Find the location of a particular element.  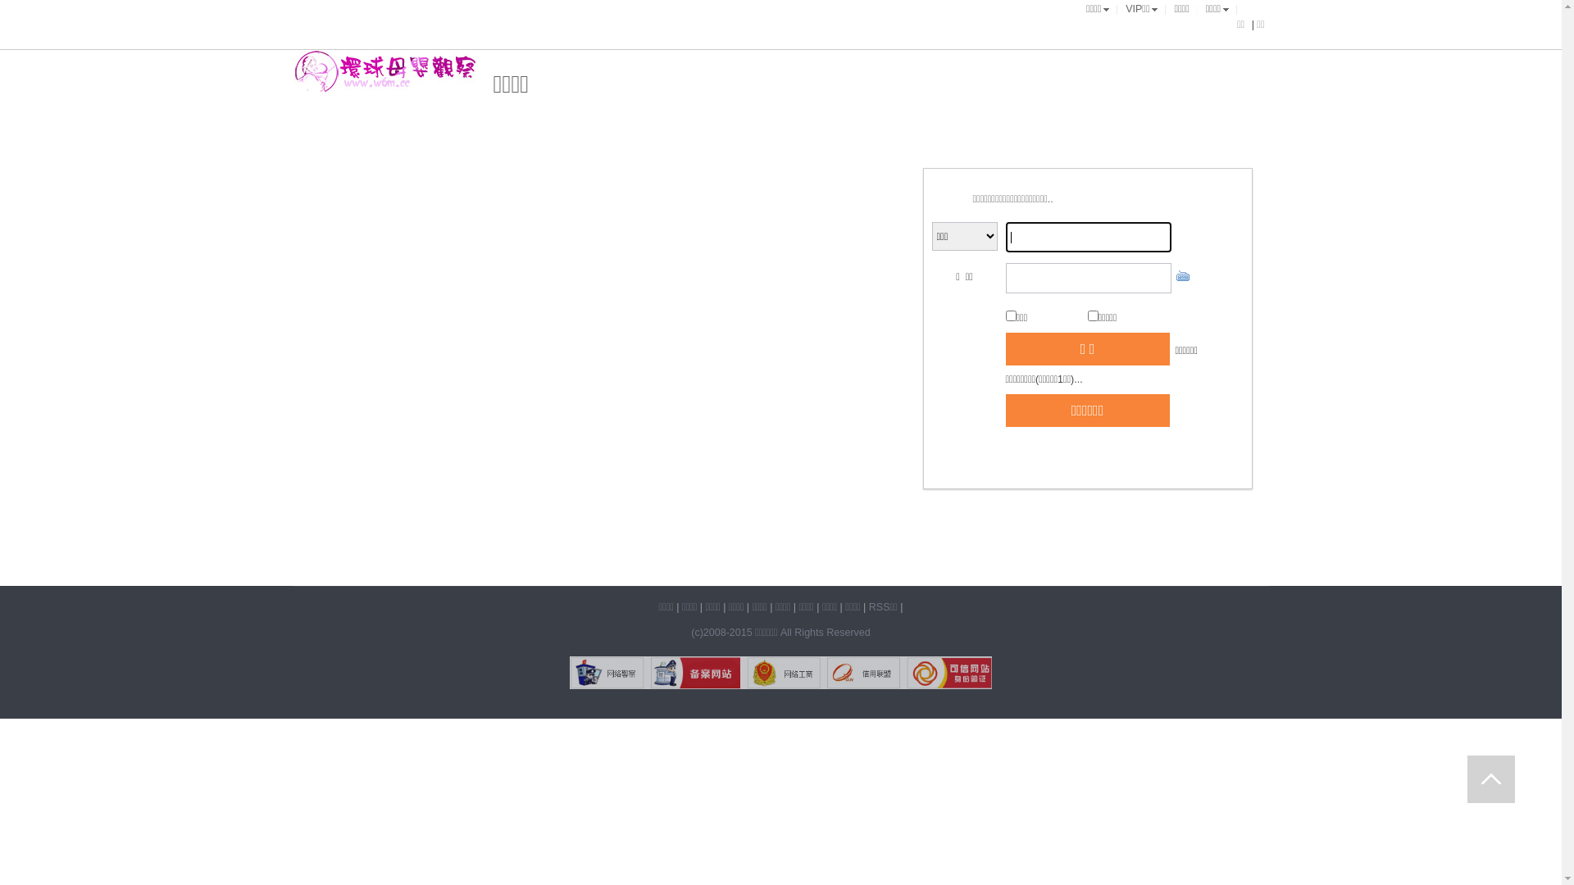

' ' is located at coordinates (1491, 778).